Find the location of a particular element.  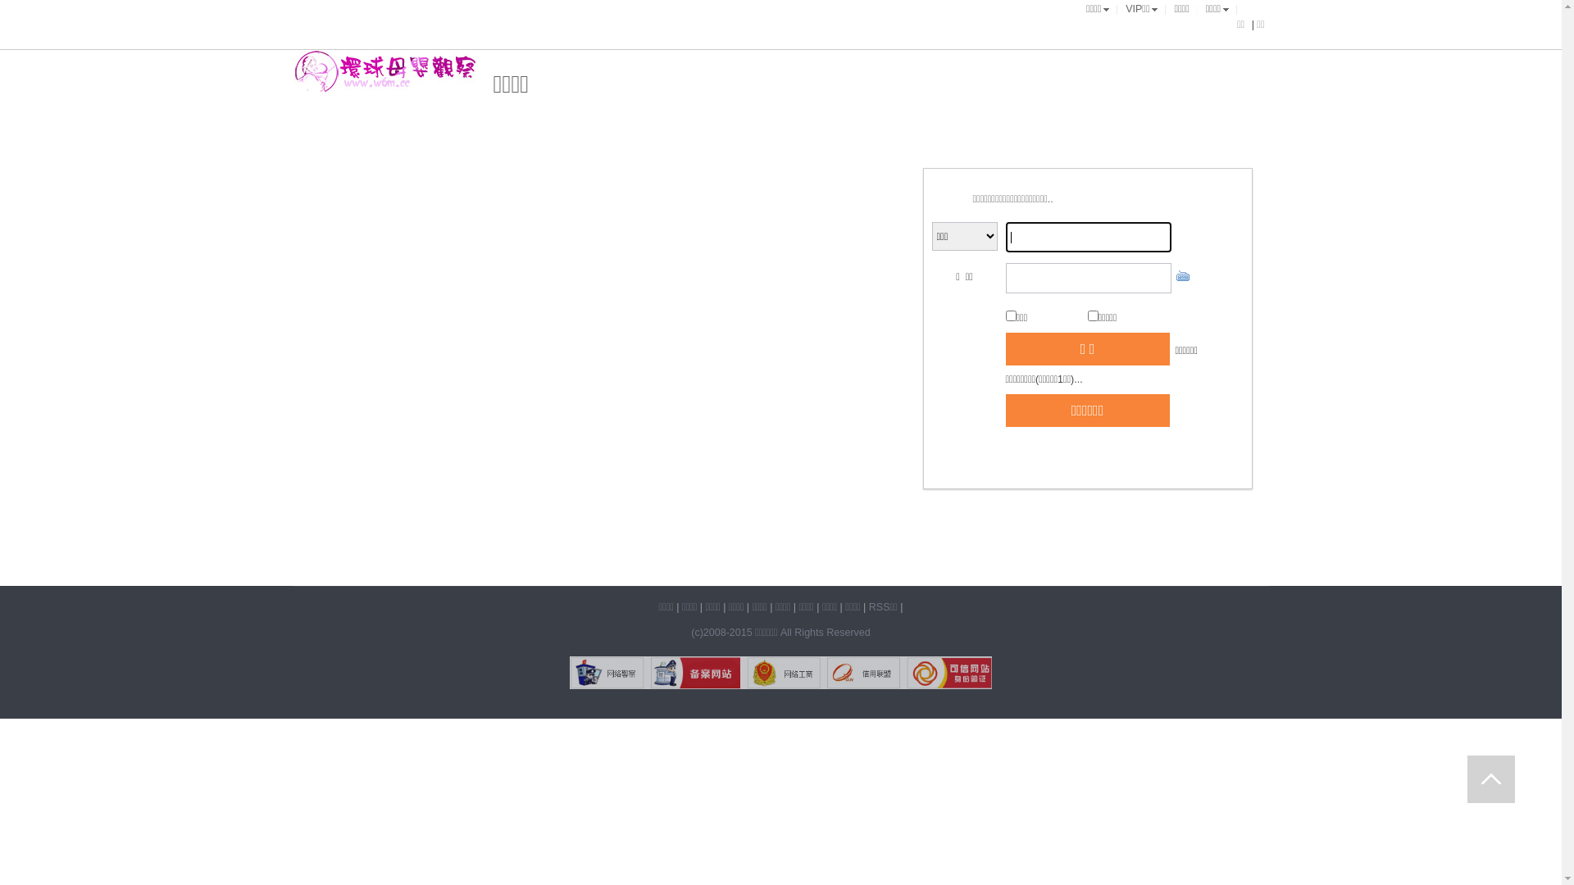

' ' is located at coordinates (1491, 778).